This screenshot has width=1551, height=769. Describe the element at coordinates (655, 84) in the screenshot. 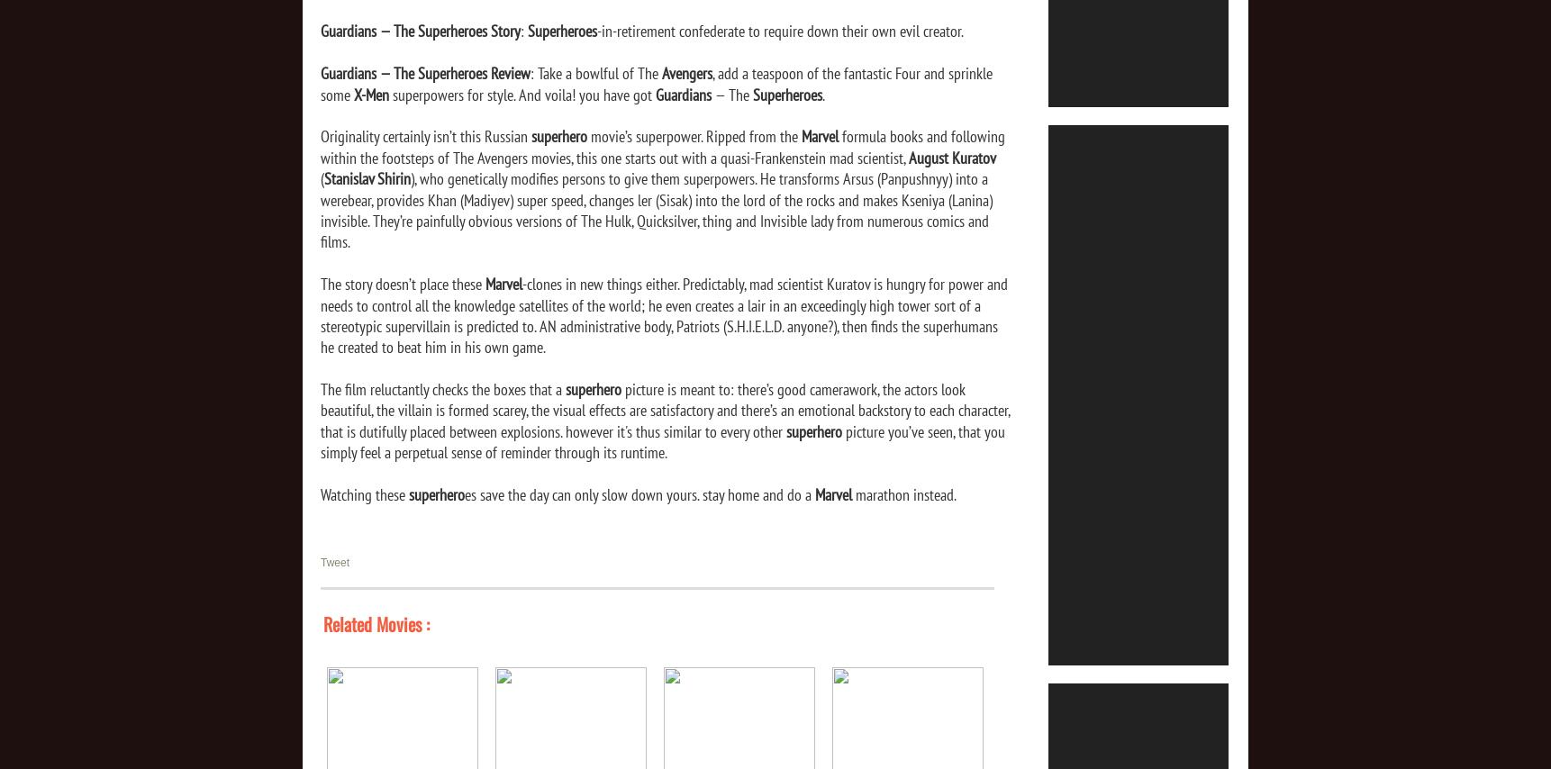

I see `', add a
teaspoon of the fantastic Four and sprinkle some'` at that location.